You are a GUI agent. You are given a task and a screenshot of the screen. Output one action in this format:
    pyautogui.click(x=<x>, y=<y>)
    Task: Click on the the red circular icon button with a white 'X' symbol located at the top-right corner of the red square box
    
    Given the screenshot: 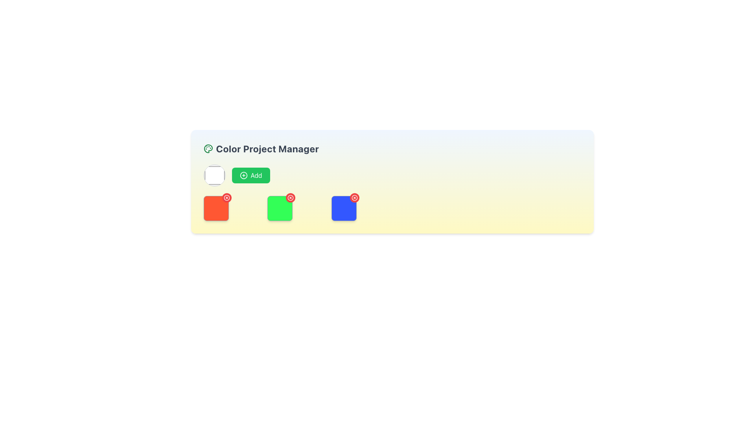 What is the action you would take?
    pyautogui.click(x=226, y=197)
    